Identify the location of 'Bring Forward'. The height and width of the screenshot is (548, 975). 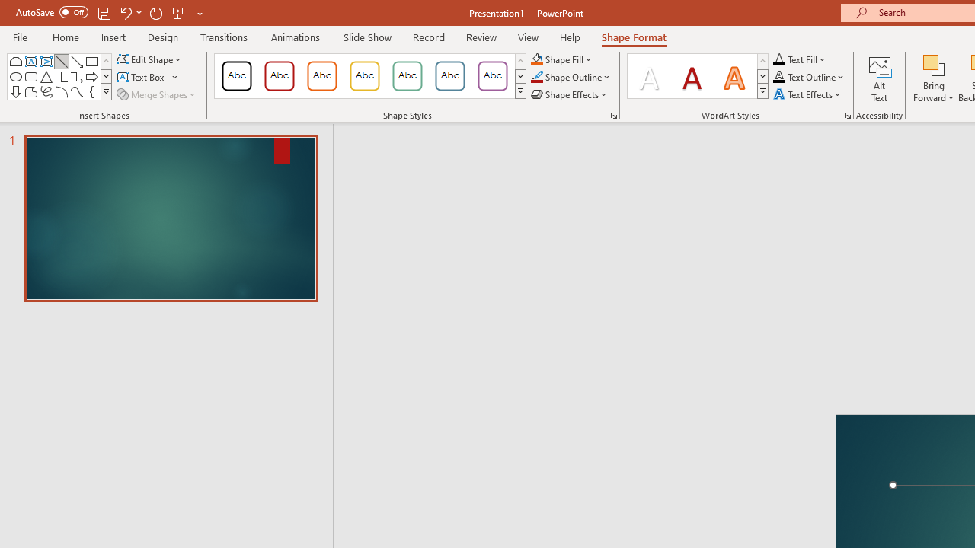
(933, 78).